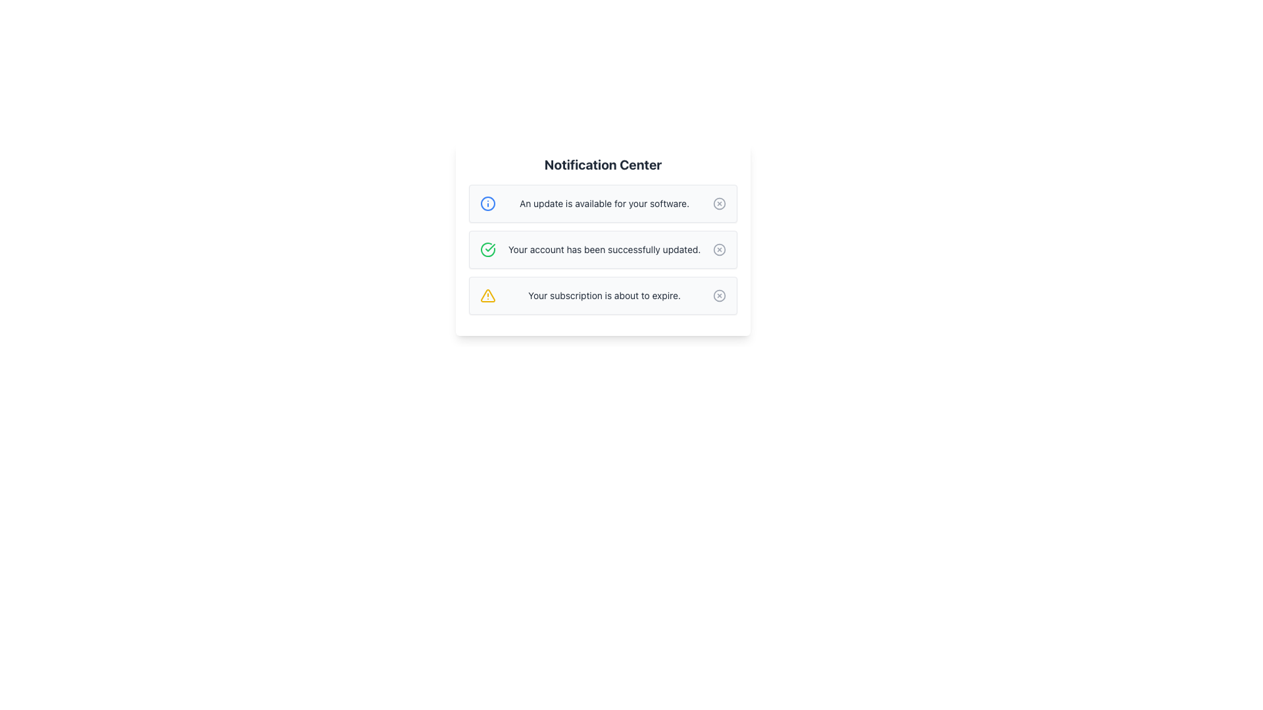 This screenshot has width=1263, height=710. I want to click on success message displayed in the notification card, located to the right of the circular green checkmark icon, so click(603, 250).